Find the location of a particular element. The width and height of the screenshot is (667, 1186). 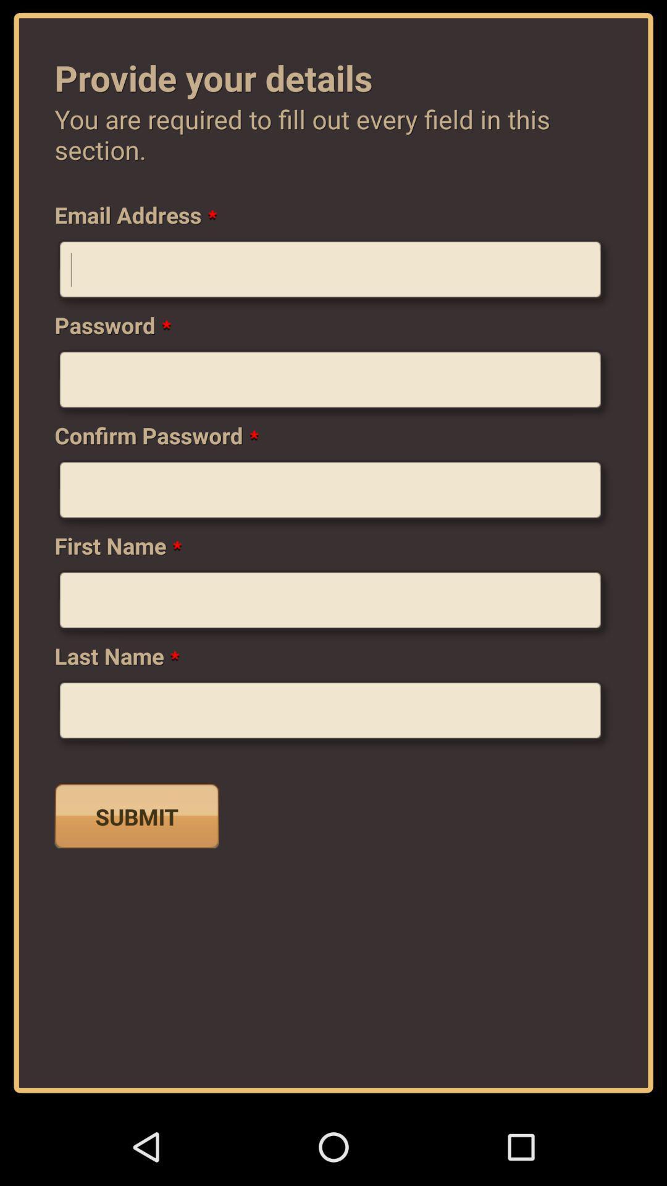

password is located at coordinates (333, 384).